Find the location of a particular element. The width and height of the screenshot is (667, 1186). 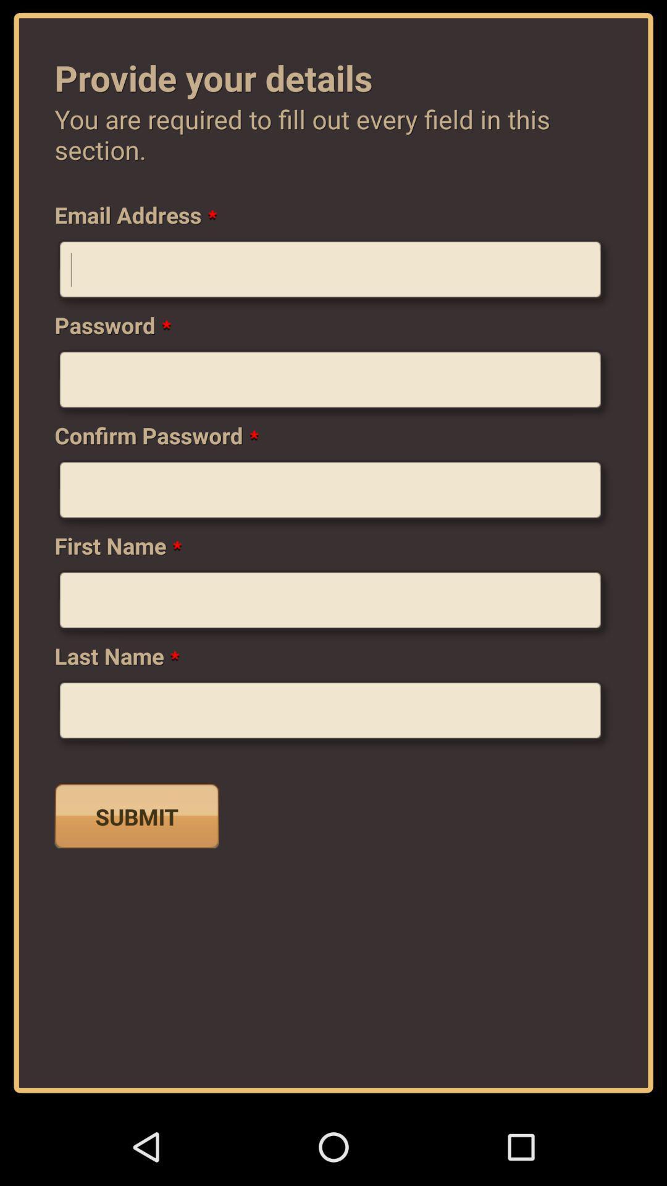

password is located at coordinates (333, 384).